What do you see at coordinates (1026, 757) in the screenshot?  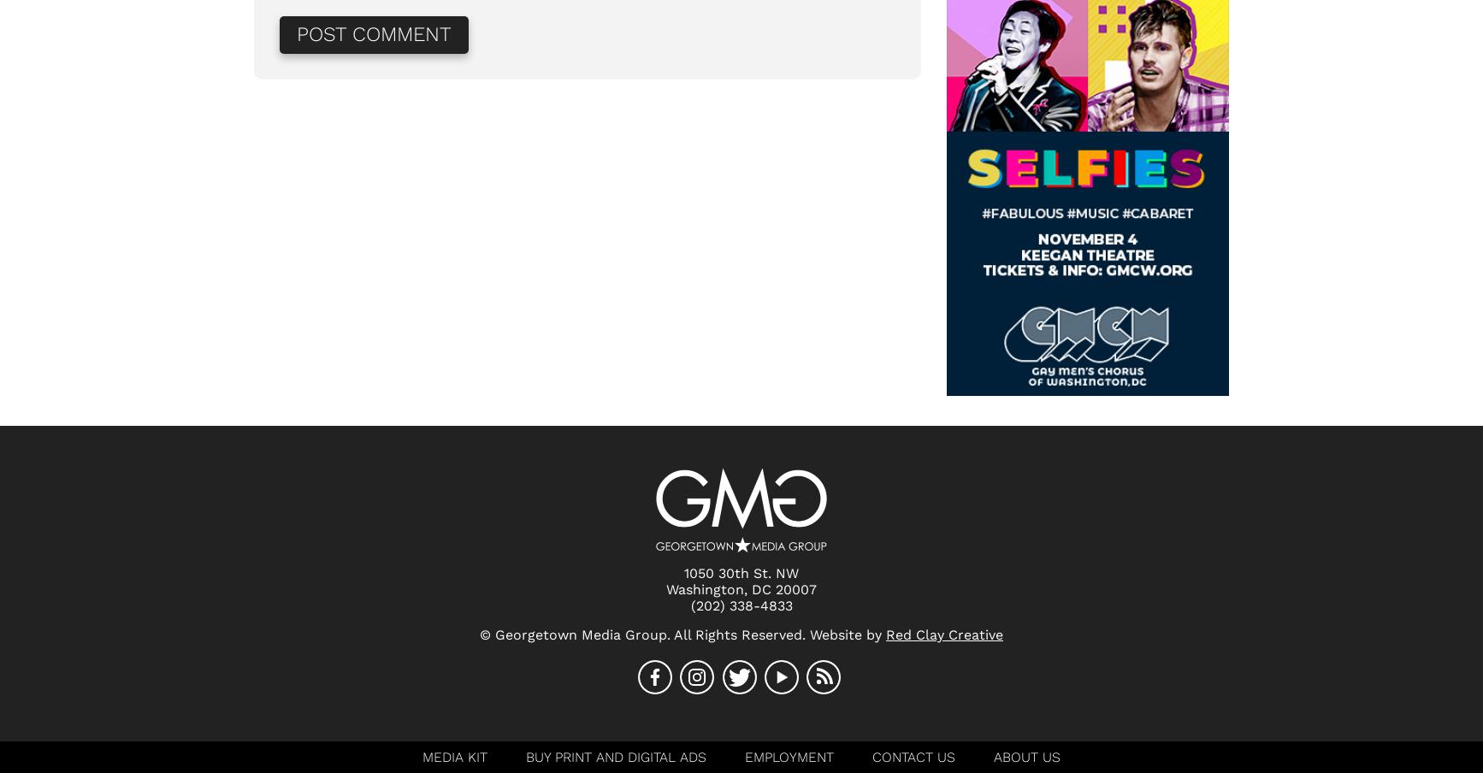 I see `'About Us'` at bounding box center [1026, 757].